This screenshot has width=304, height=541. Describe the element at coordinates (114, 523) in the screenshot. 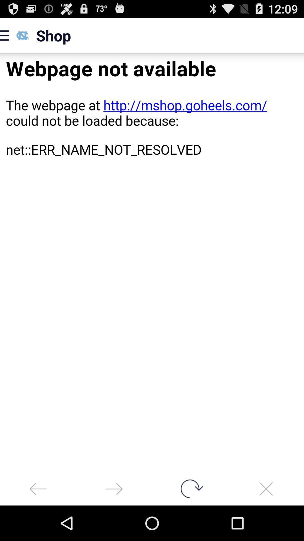

I see `the arrow_forward icon` at that location.